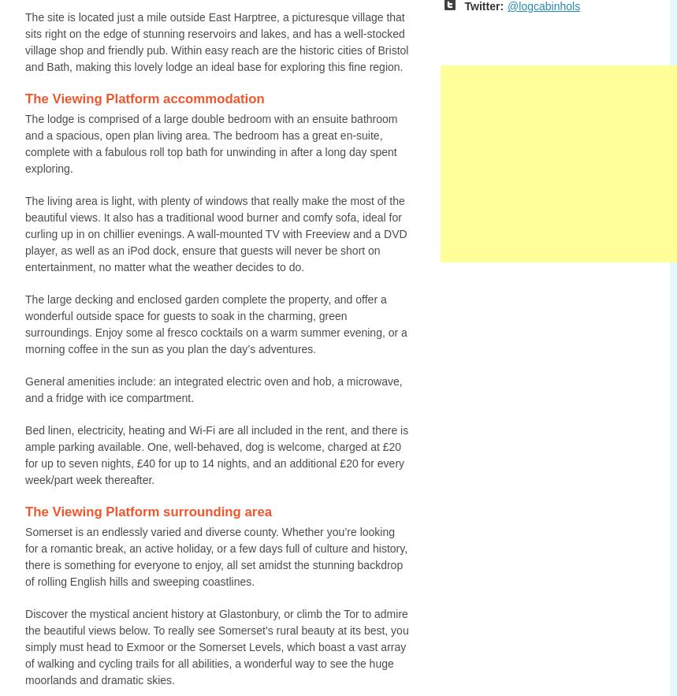 The height and width of the screenshot is (696, 677). What do you see at coordinates (147, 511) in the screenshot?
I see `'The Viewing Platform surrounding area'` at bounding box center [147, 511].